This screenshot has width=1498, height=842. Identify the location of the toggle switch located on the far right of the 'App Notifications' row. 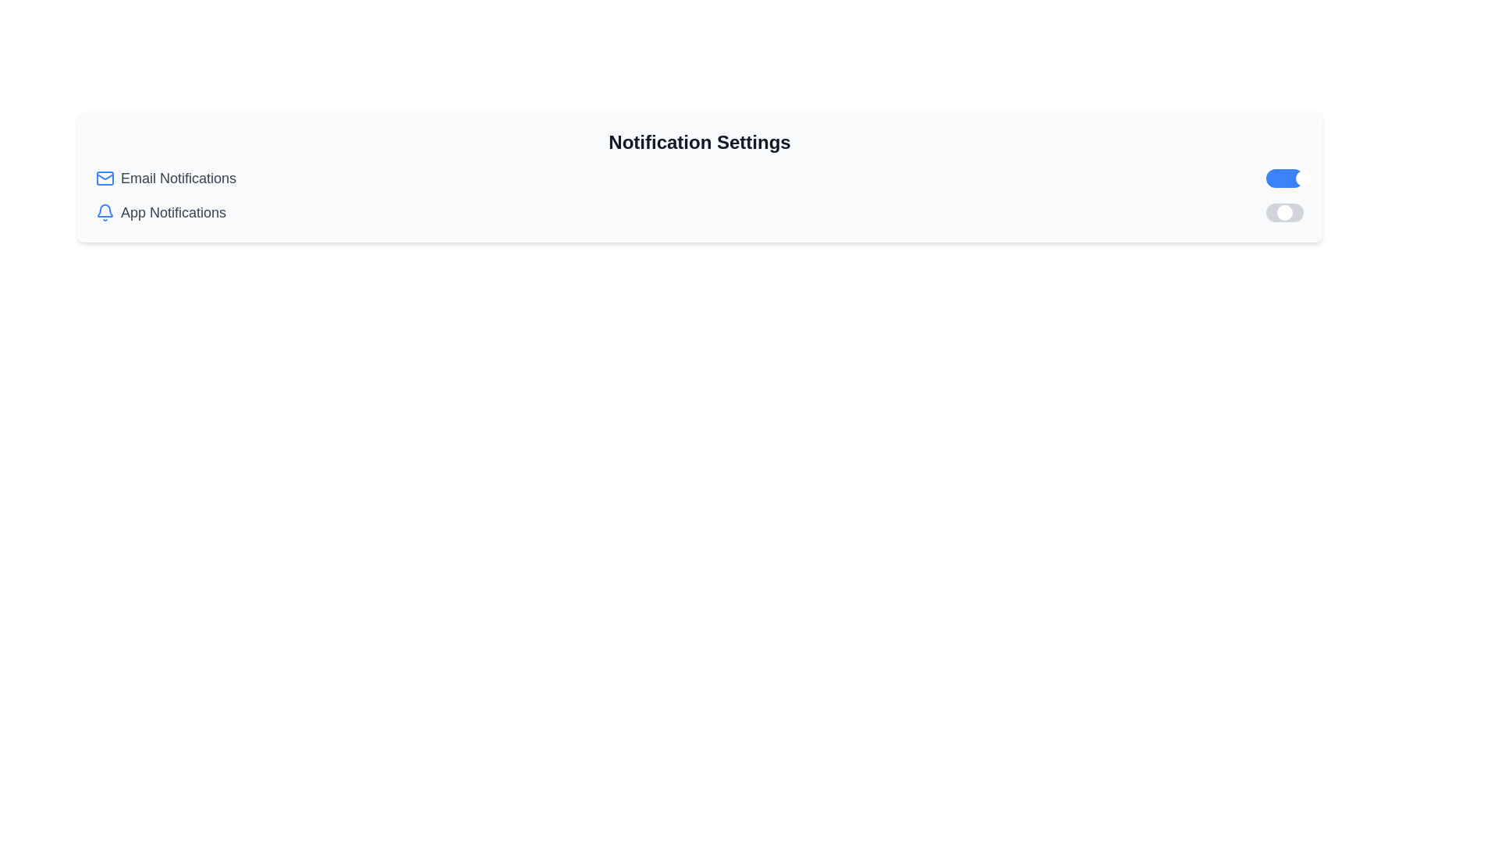
(1284, 213).